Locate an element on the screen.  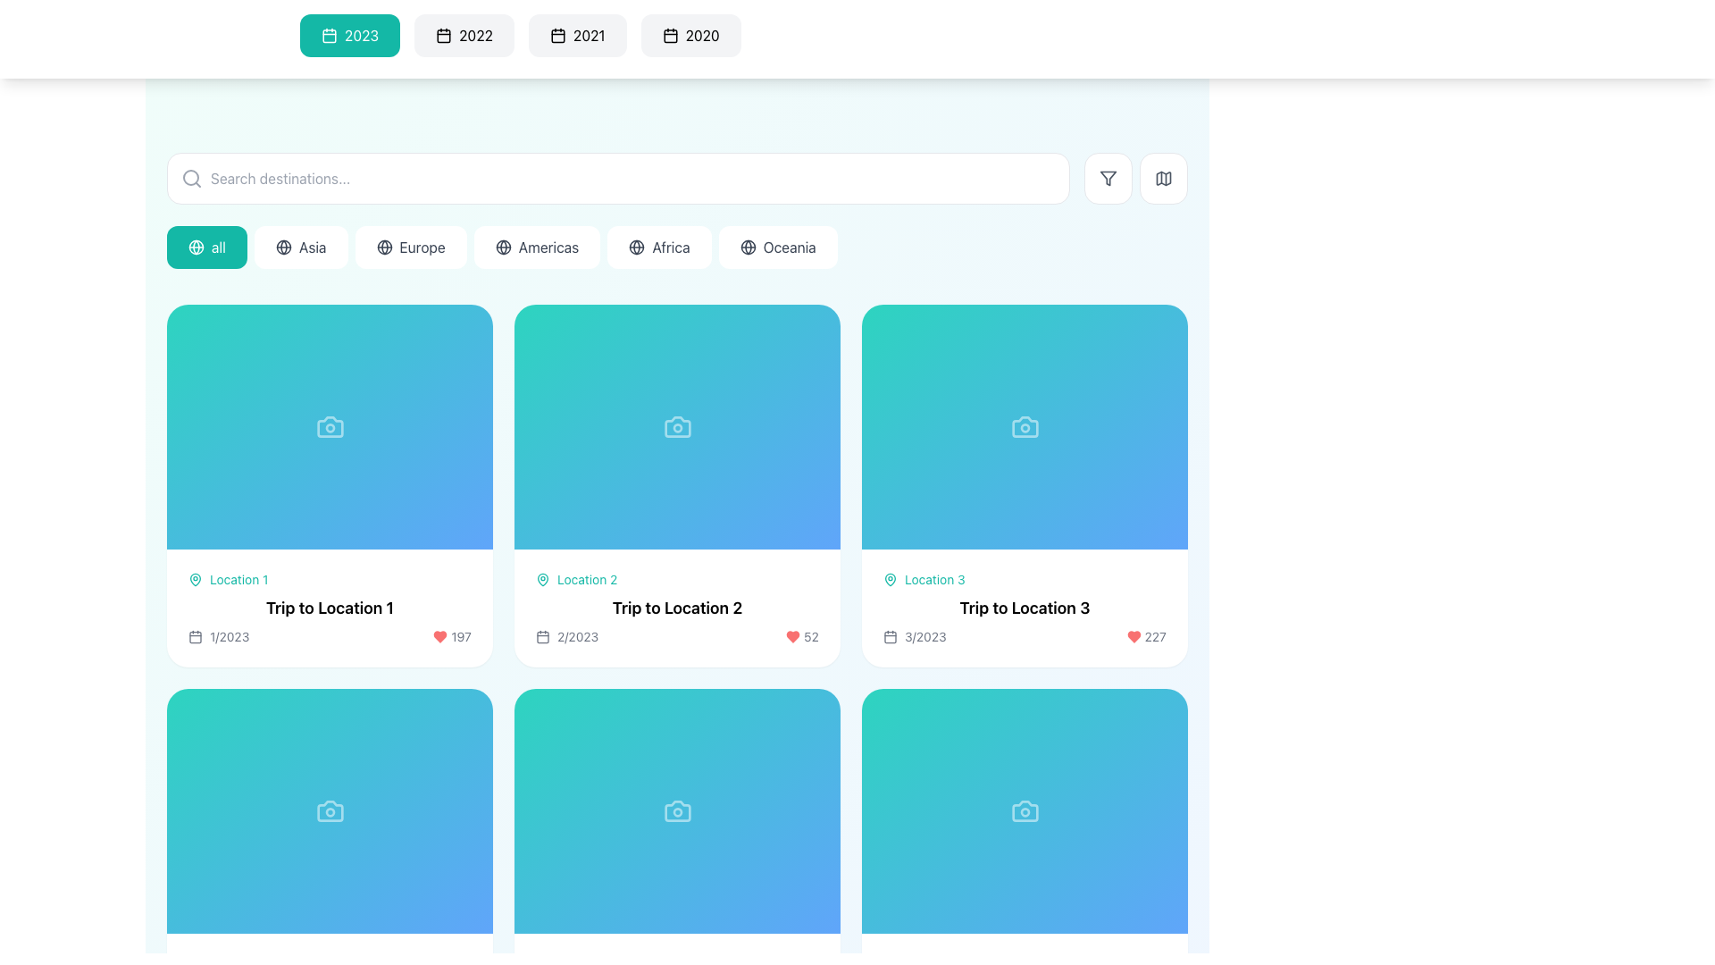
attributes of the rounded rectangular button with a teal background and white text reading 'all', which is the first button in a series located below the search bar is located at coordinates (206, 248).